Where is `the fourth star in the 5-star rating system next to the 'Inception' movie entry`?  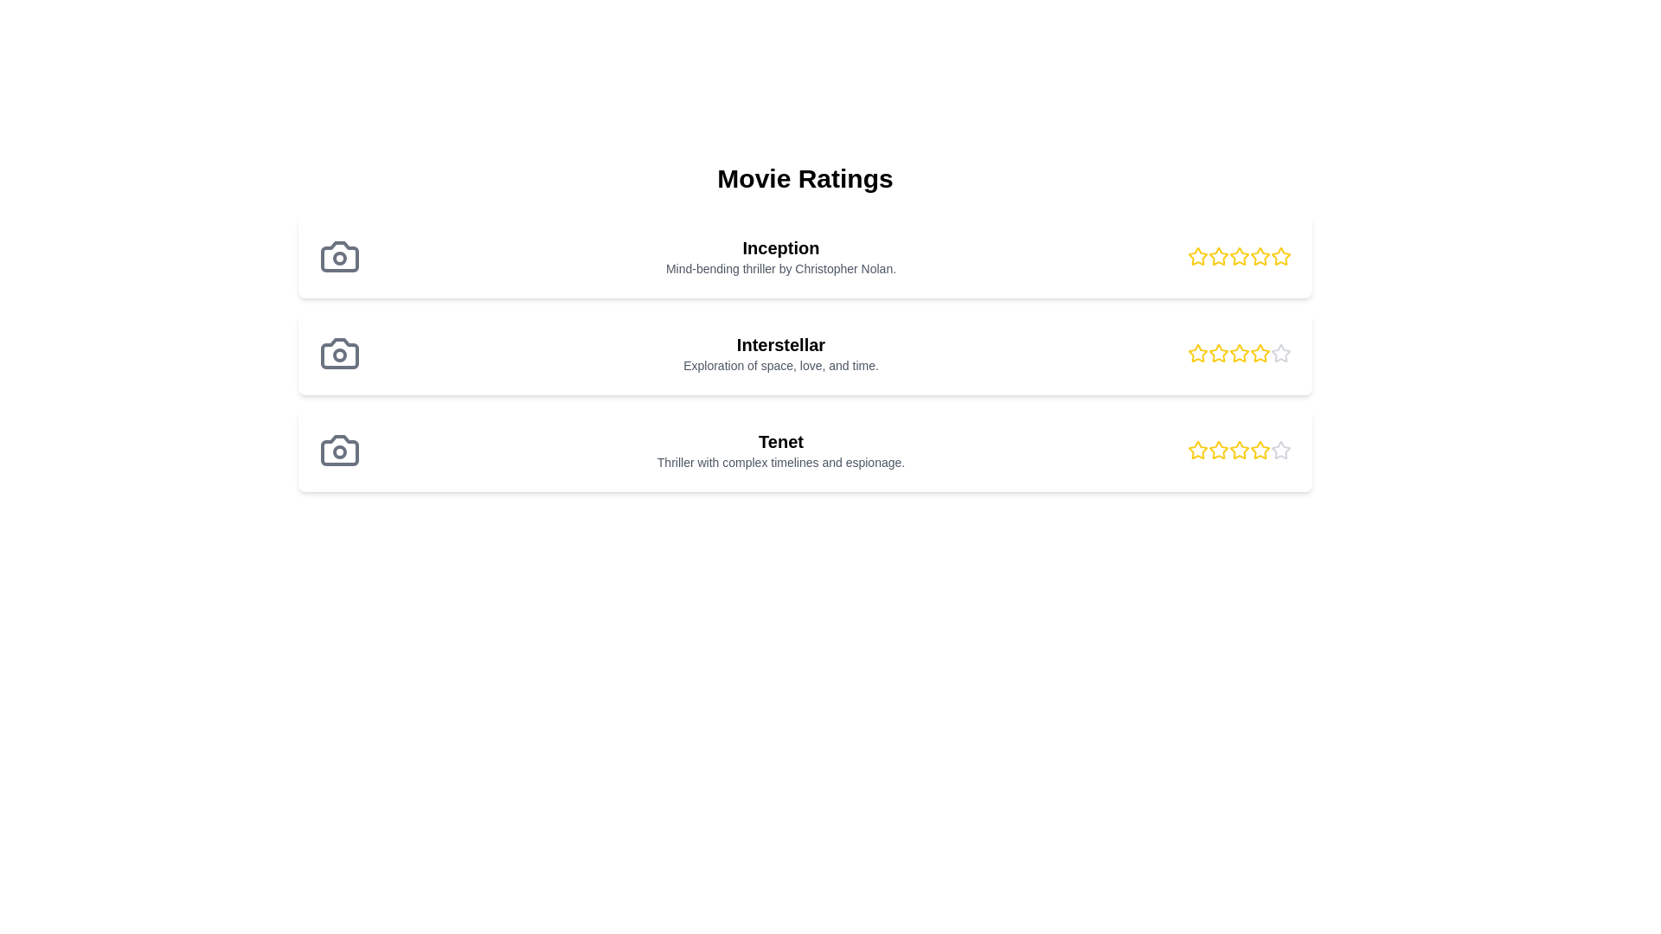 the fourth star in the 5-star rating system next to the 'Inception' movie entry is located at coordinates (1260, 256).